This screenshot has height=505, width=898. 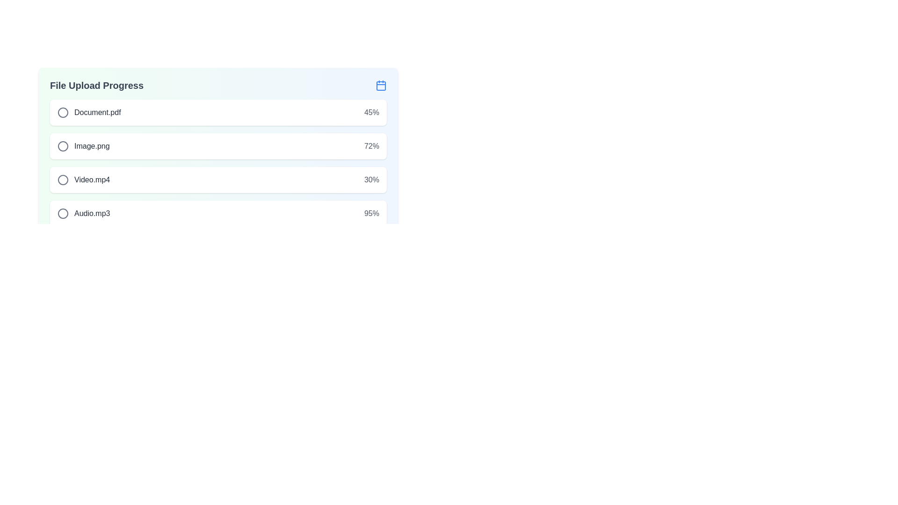 What do you see at coordinates (62, 213) in the screenshot?
I see `the circular radio button icon with a gray border located to the left of the text 'Audio.mp3'` at bounding box center [62, 213].